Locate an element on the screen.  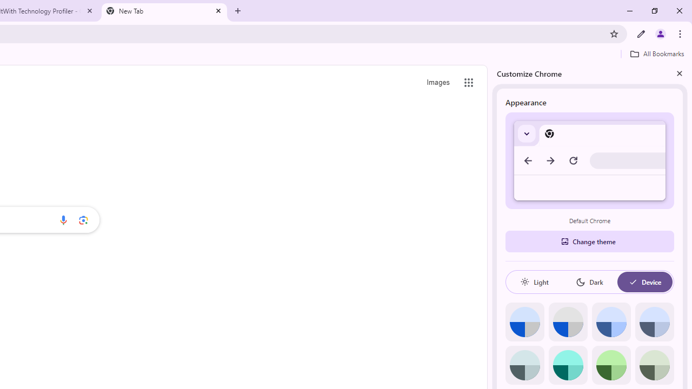
'New Tab' is located at coordinates (164, 11).